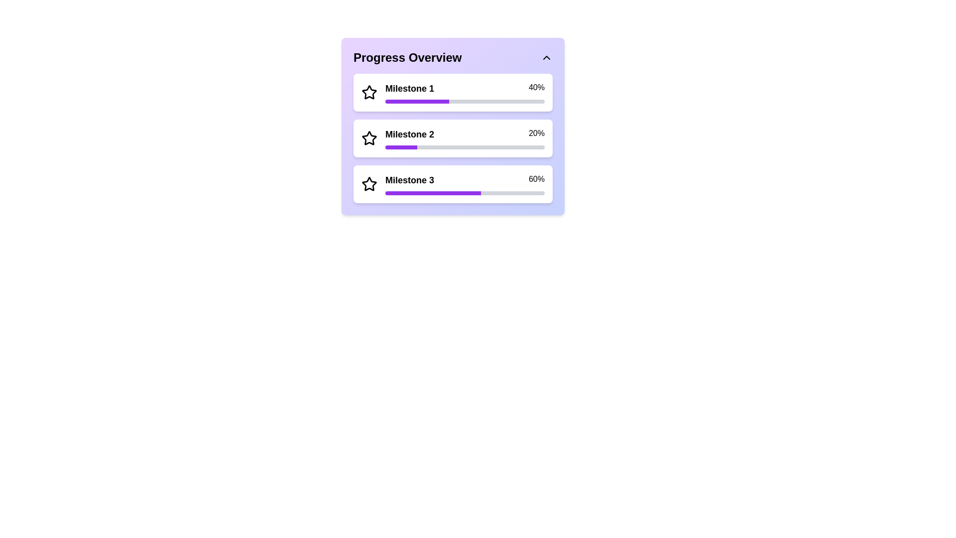 The image size is (956, 538). What do you see at coordinates (417, 102) in the screenshot?
I see `the Progress bar fill segment that visually represents the completion status for 'Milestone 1'` at bounding box center [417, 102].